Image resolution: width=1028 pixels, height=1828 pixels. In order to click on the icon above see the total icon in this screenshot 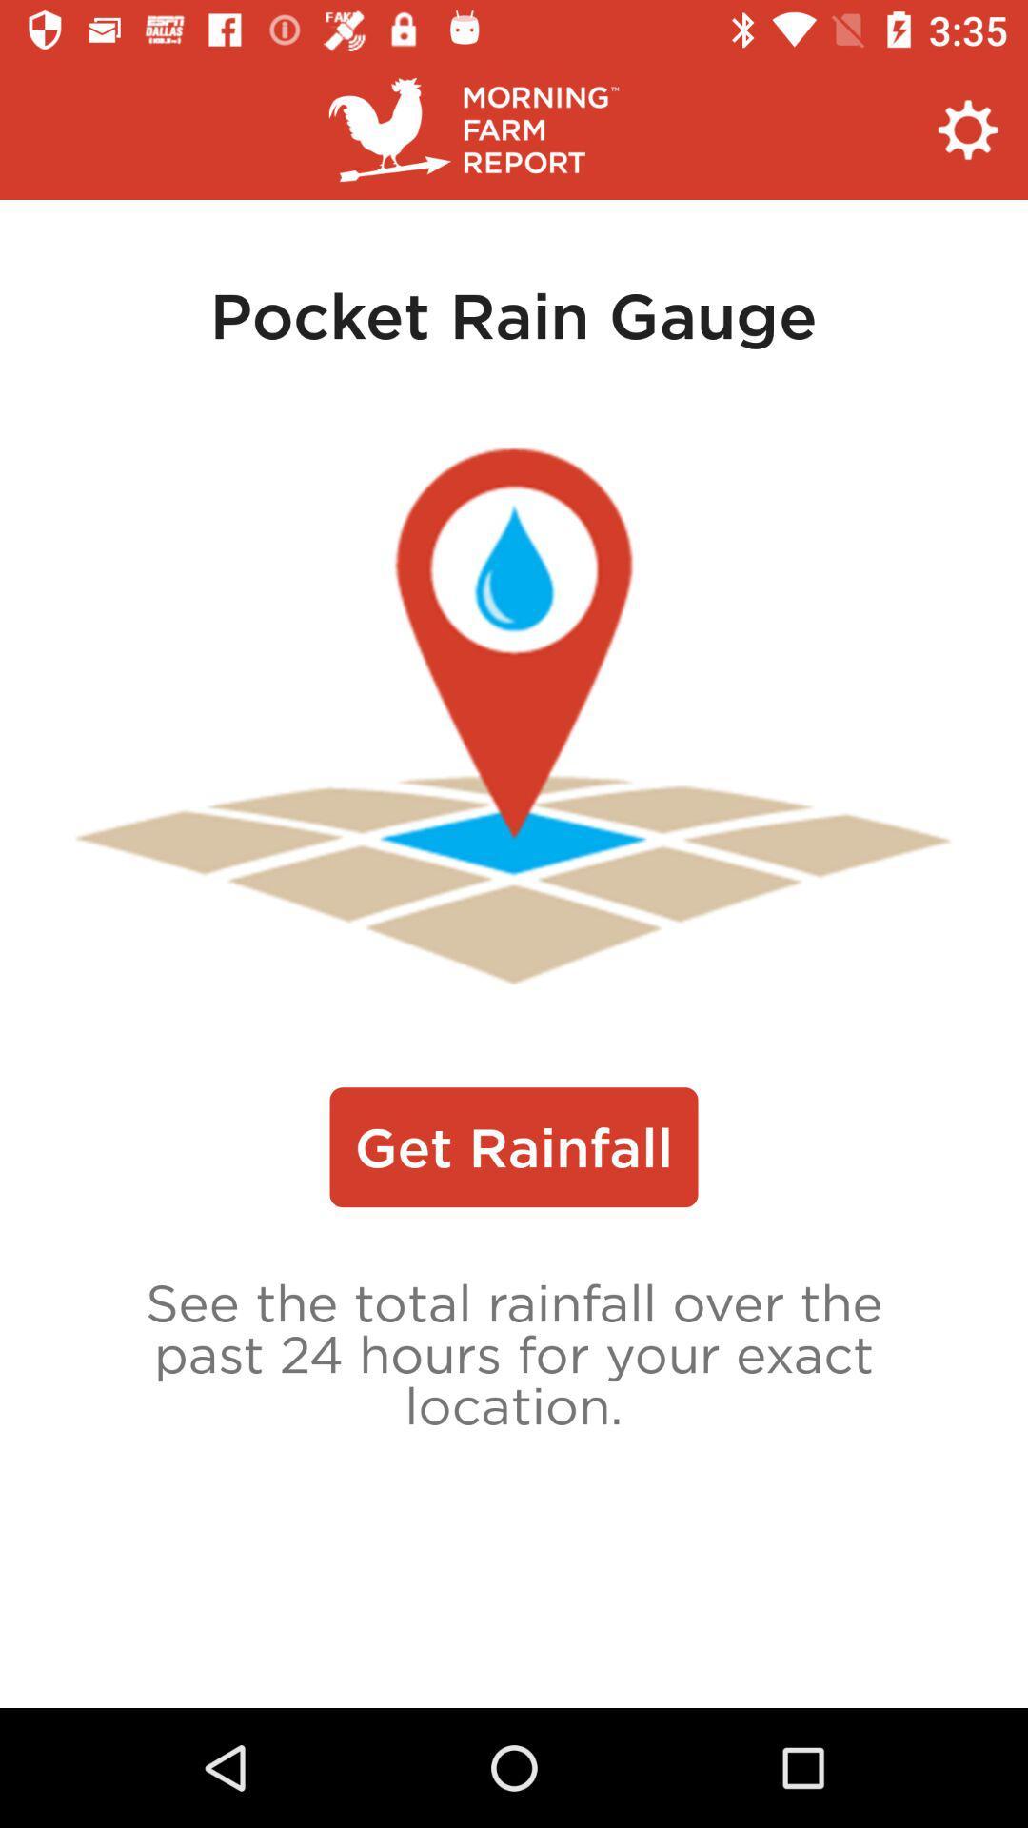, I will do `click(514, 1146)`.